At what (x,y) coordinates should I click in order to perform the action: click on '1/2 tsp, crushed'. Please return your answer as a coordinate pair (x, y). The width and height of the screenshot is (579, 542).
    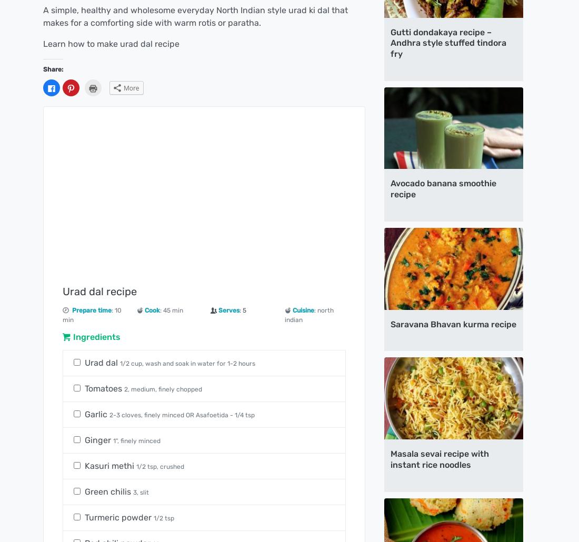
    Looking at the image, I should click on (159, 466).